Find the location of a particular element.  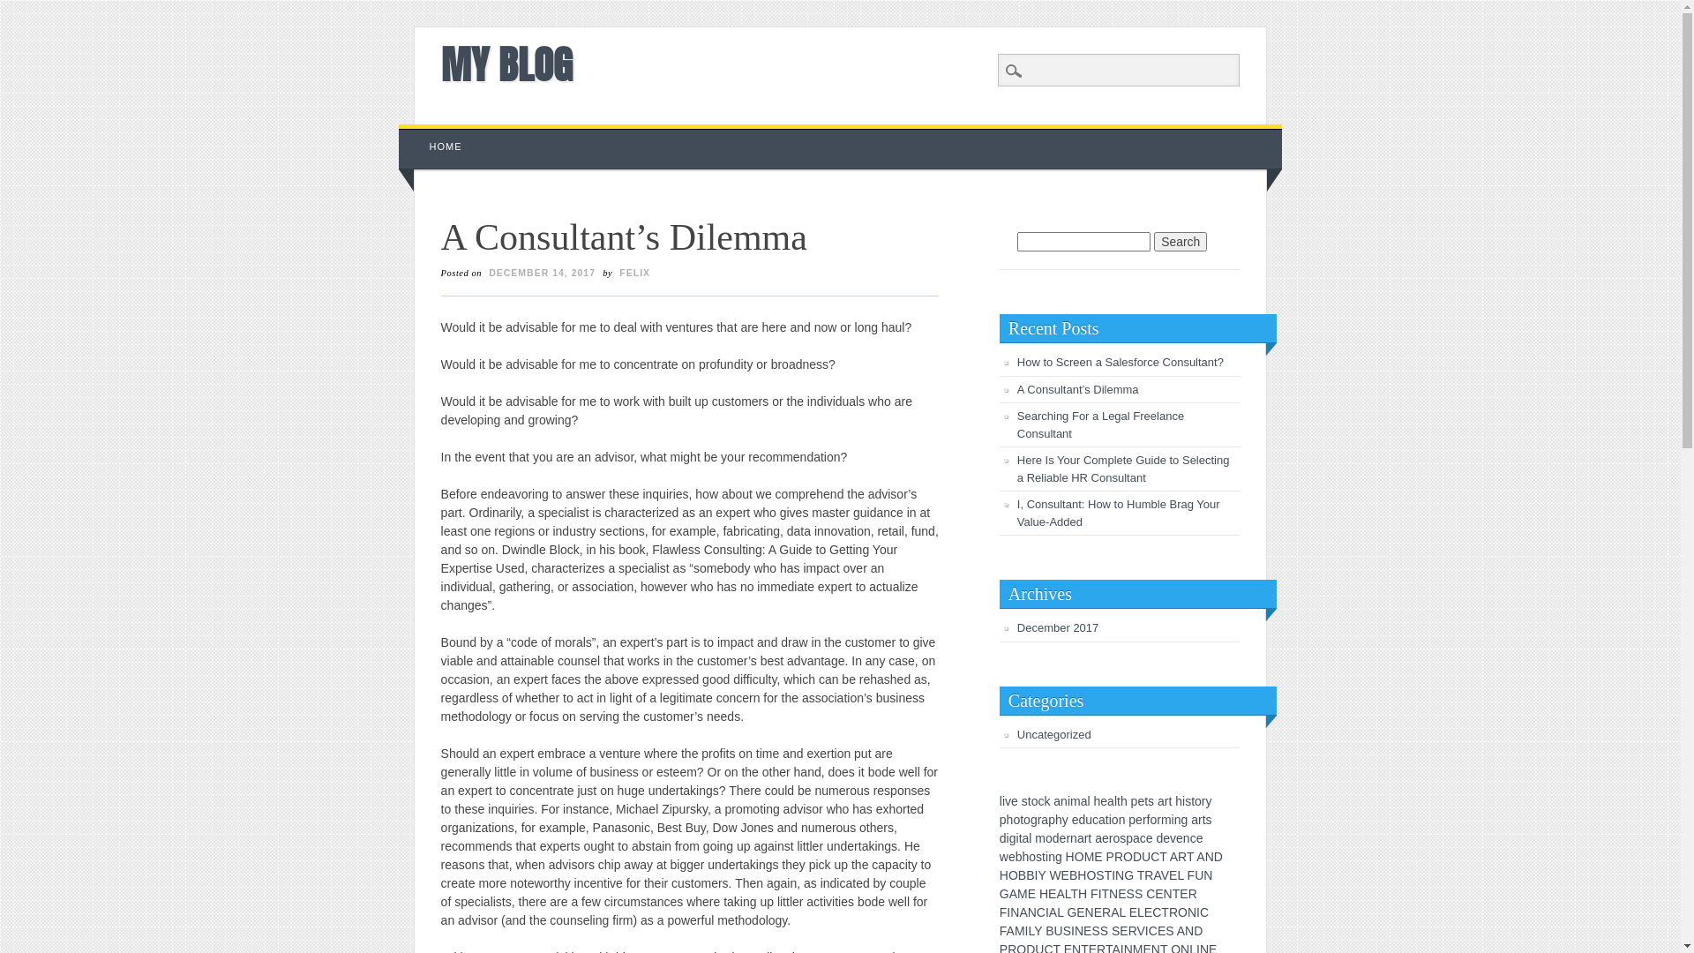

'H' is located at coordinates (1069, 856).